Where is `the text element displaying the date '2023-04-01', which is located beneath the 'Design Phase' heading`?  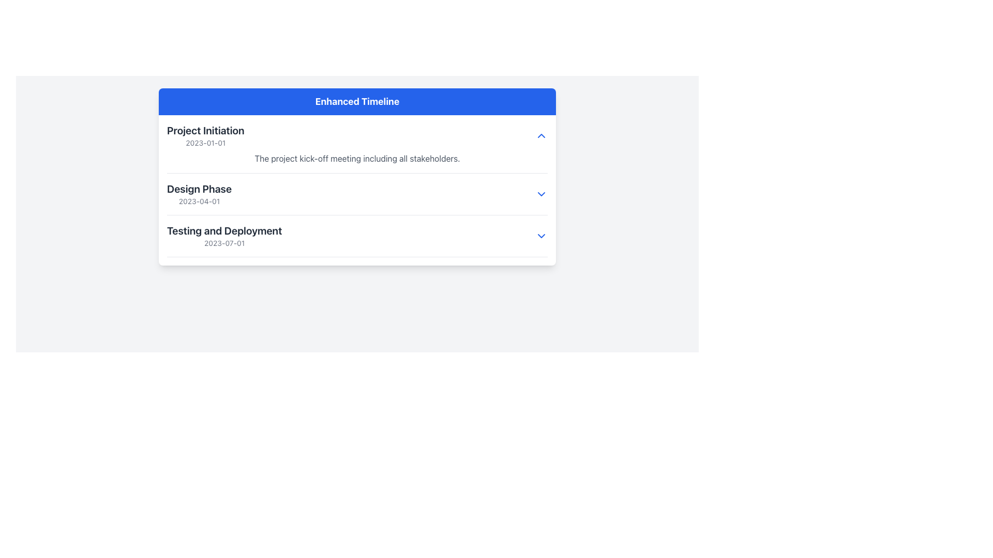 the text element displaying the date '2023-04-01', which is located beneath the 'Design Phase' heading is located at coordinates (199, 201).